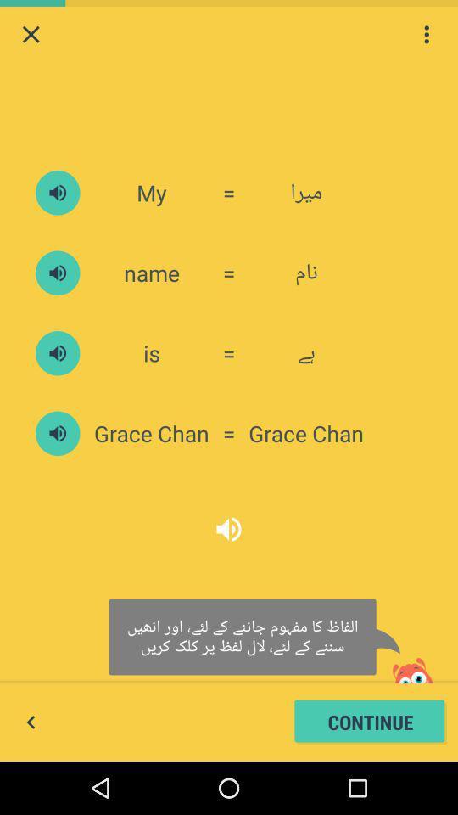  Describe the element at coordinates (31, 36) in the screenshot. I see `the close icon` at that location.